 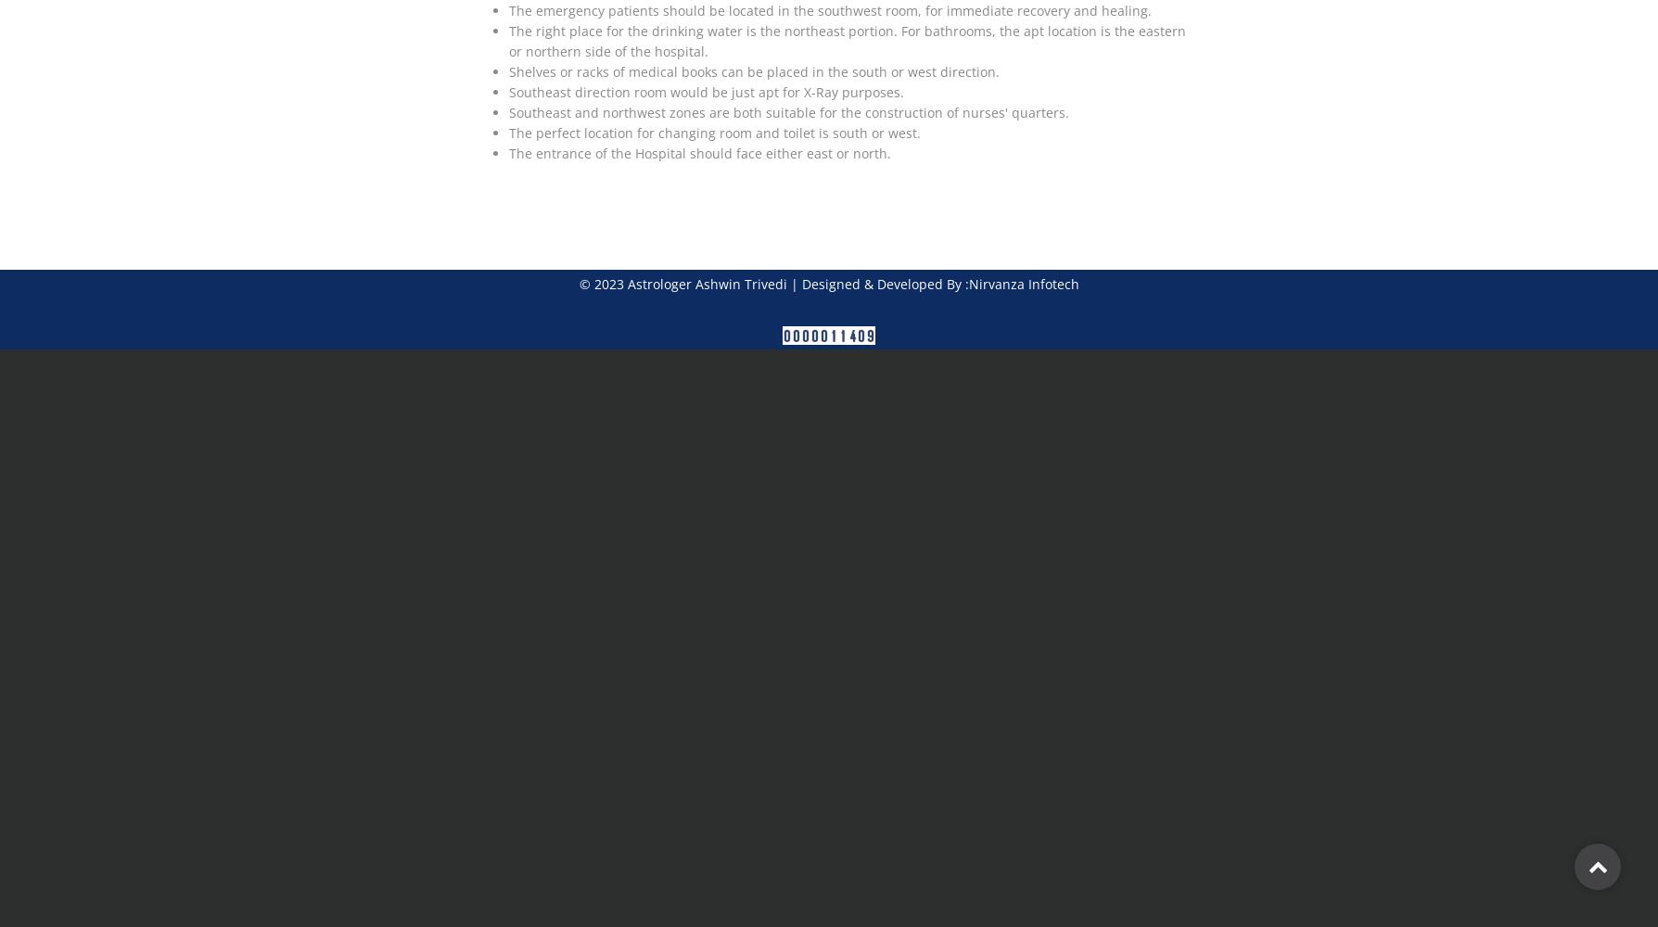 I want to click on 'Nirvanza Infotech', so click(x=1023, y=284).